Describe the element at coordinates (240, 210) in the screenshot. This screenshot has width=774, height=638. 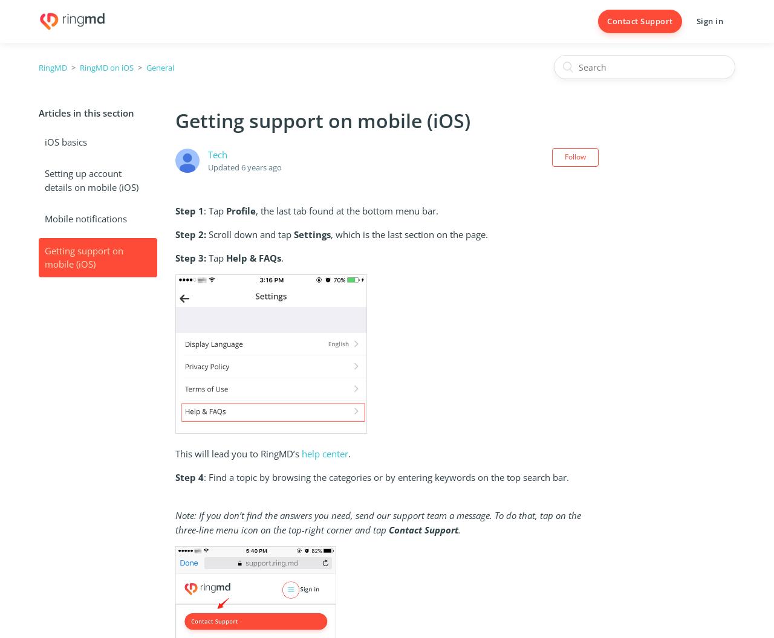
I see `'Profile'` at that location.